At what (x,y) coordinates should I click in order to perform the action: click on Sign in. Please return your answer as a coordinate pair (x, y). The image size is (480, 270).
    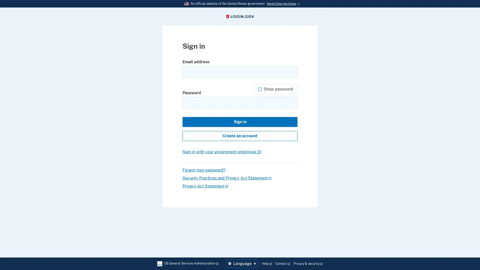
    Looking at the image, I should click on (240, 122).